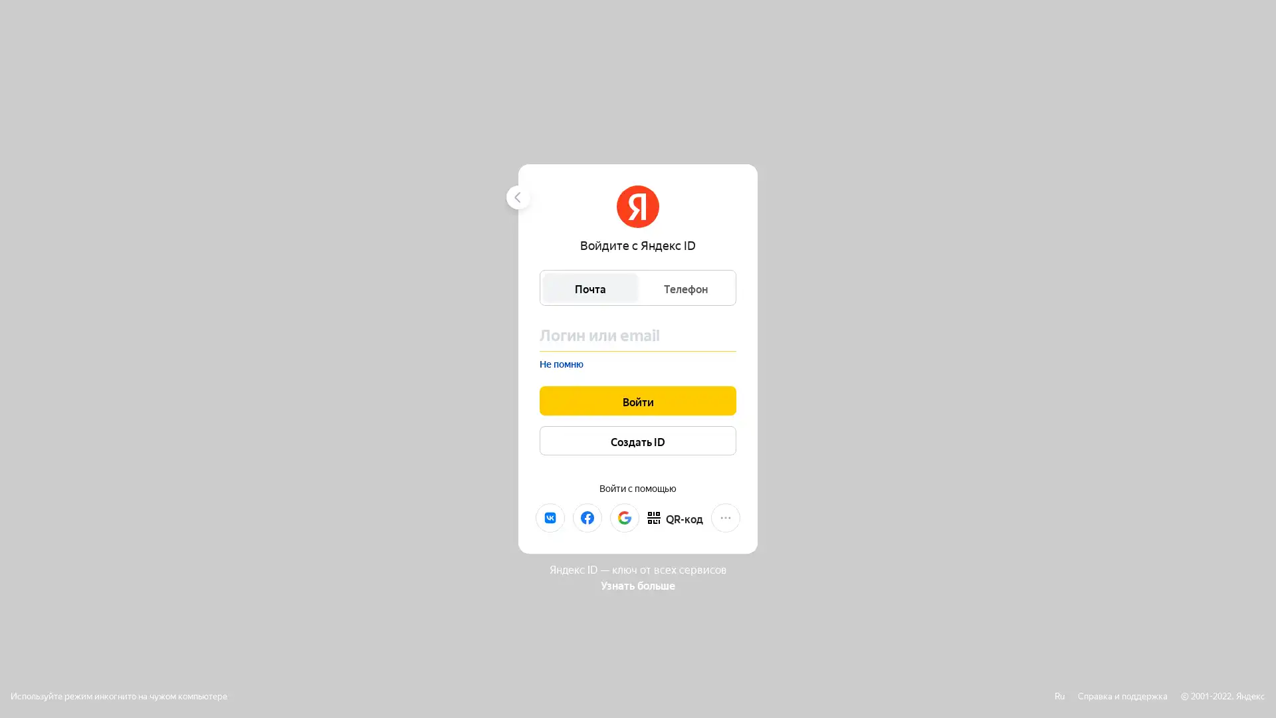 This screenshot has width=1276, height=718. What do you see at coordinates (624, 517) in the screenshot?
I see `Google` at bounding box center [624, 517].